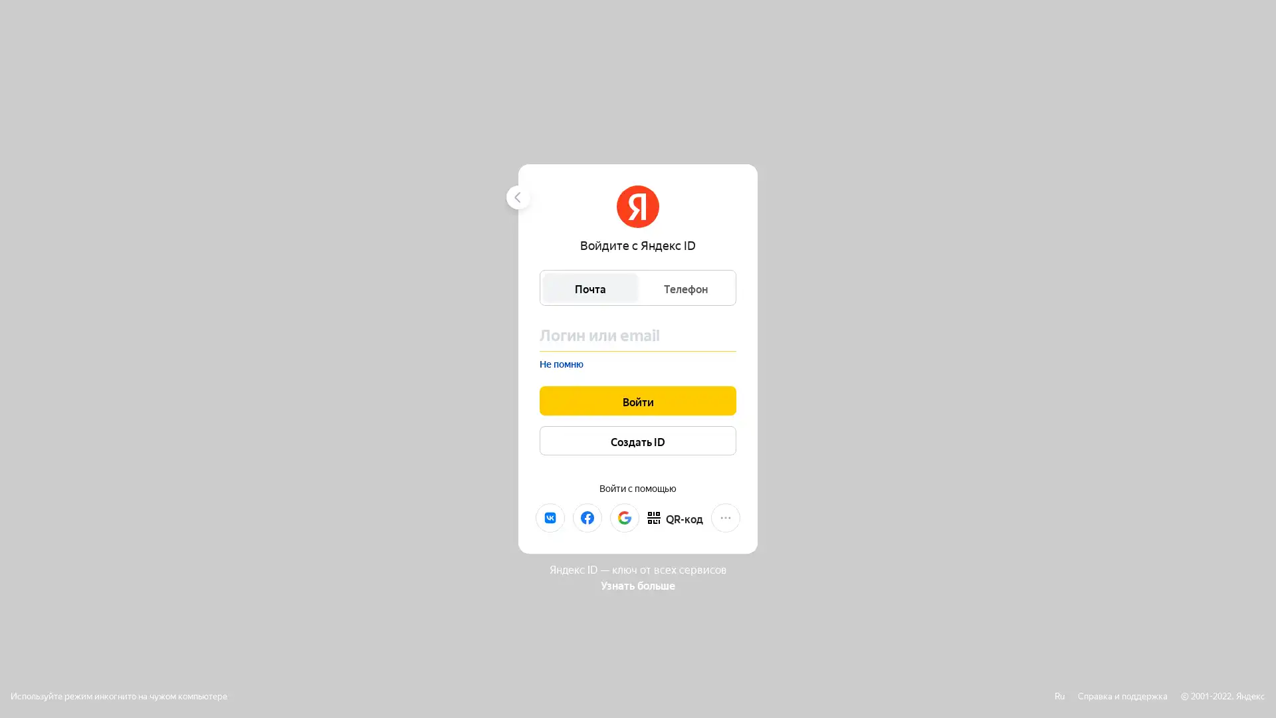 This screenshot has width=1276, height=718. What do you see at coordinates (624, 517) in the screenshot?
I see `Google` at bounding box center [624, 517].